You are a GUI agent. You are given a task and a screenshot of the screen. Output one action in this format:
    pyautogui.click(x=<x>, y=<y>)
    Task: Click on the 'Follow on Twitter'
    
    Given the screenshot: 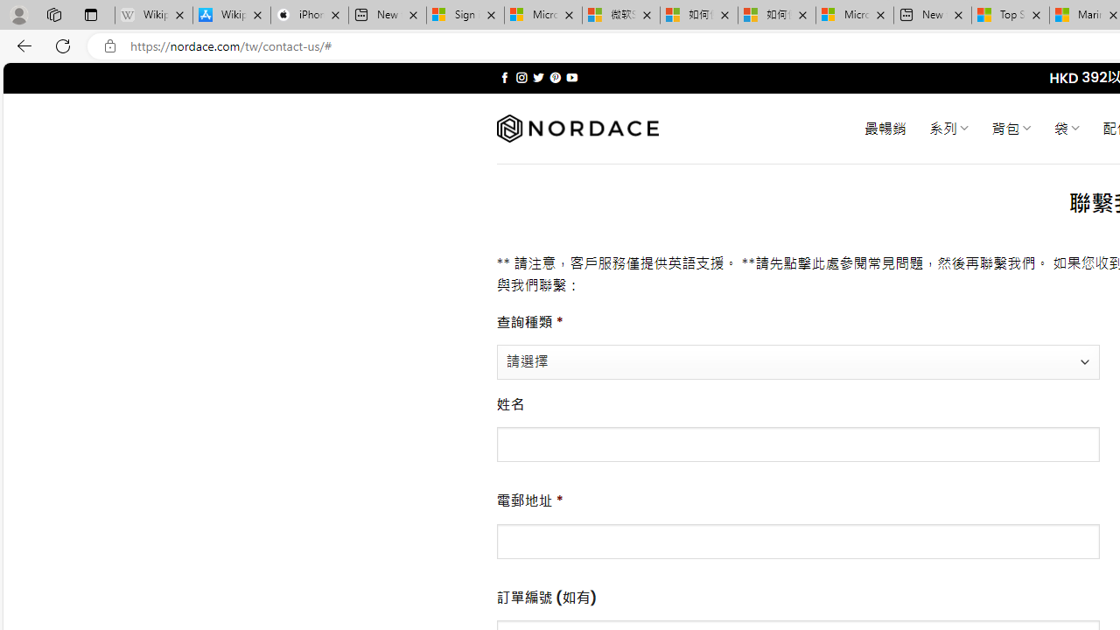 What is the action you would take?
    pyautogui.click(x=537, y=77)
    